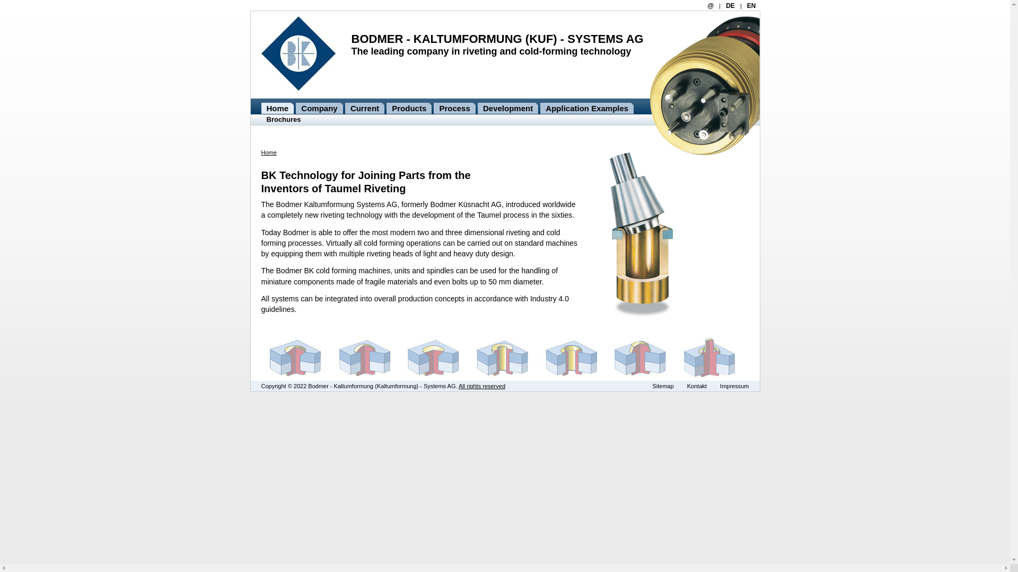 The width and height of the screenshot is (1018, 572). I want to click on 'Products', so click(408, 108).